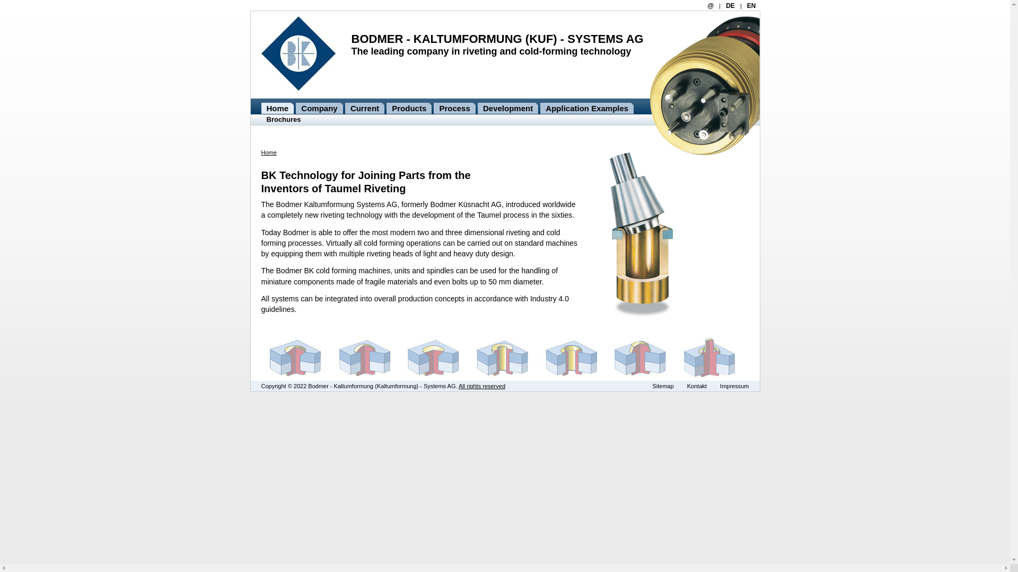 The width and height of the screenshot is (1018, 572). I want to click on 'Products', so click(408, 108).